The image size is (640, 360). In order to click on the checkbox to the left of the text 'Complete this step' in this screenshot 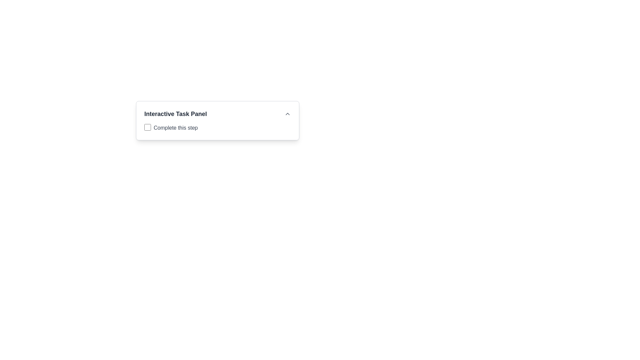, I will do `click(147, 127)`.